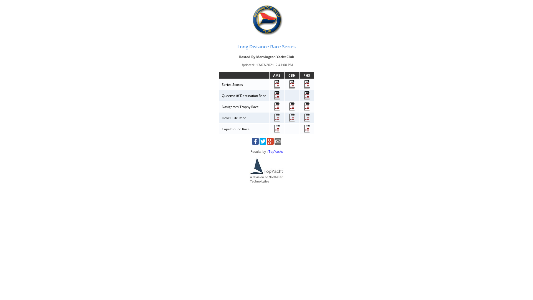  Describe the element at coordinates (277, 143) in the screenshot. I see `'Send email'` at that location.